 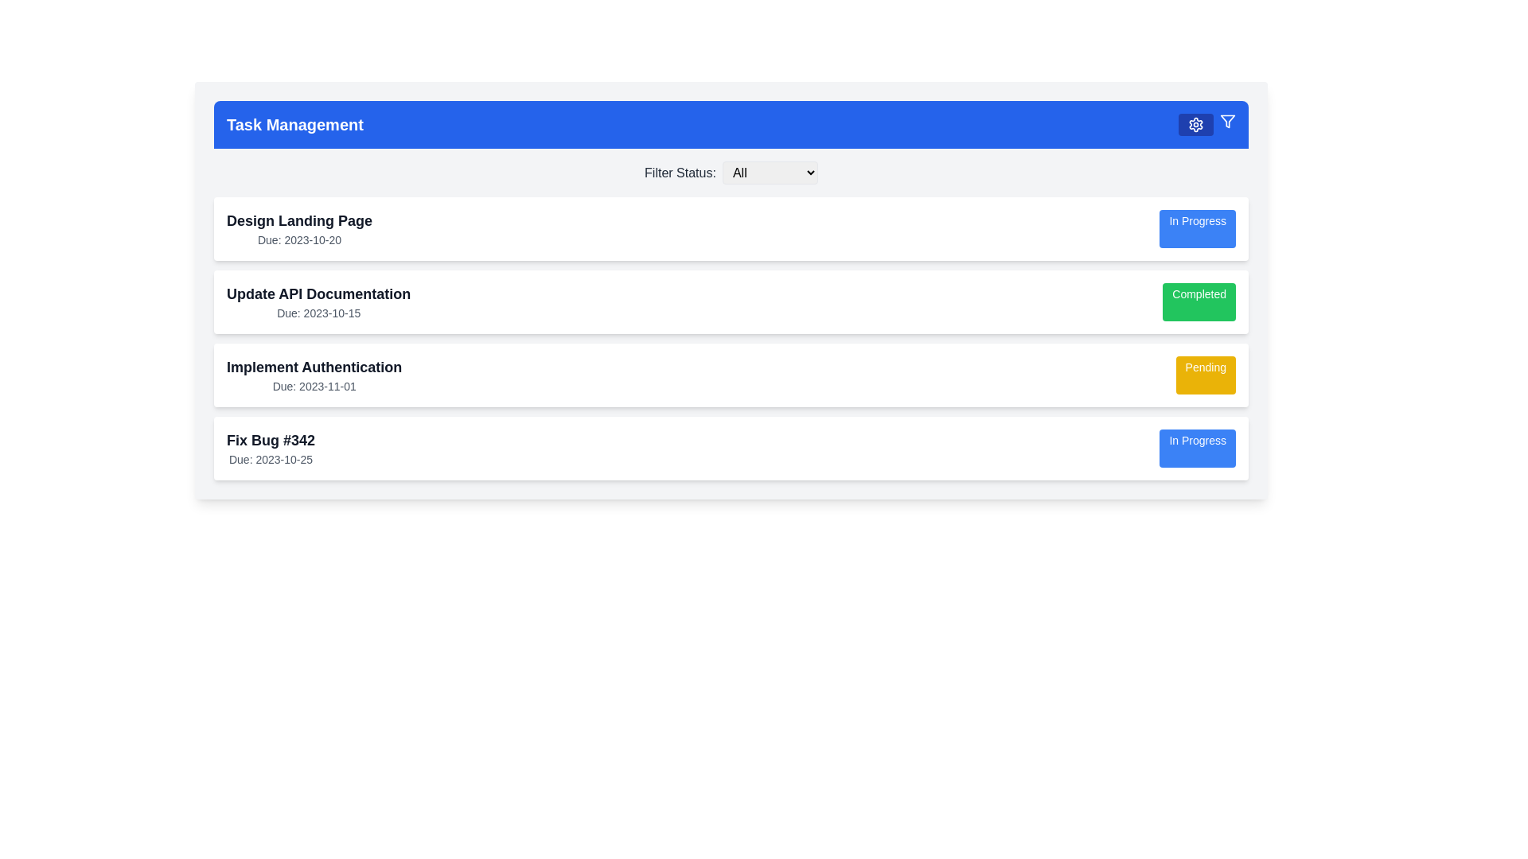 I want to click on text label that serves as the title or identifier for the task in the first task card, located above the due date 'Due: 2023-10-20', so click(x=299, y=220).